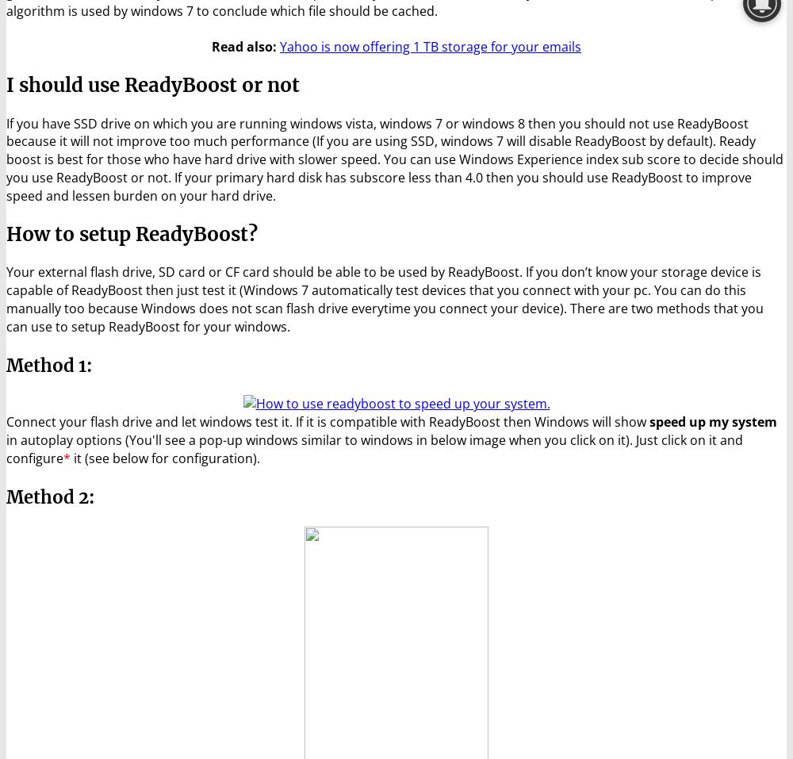  What do you see at coordinates (6, 448) in the screenshot?
I see `'in autoplay options (You'll see a pop-up windows similar to windows in below image when you click on it). Just click on it and configure'` at bounding box center [6, 448].